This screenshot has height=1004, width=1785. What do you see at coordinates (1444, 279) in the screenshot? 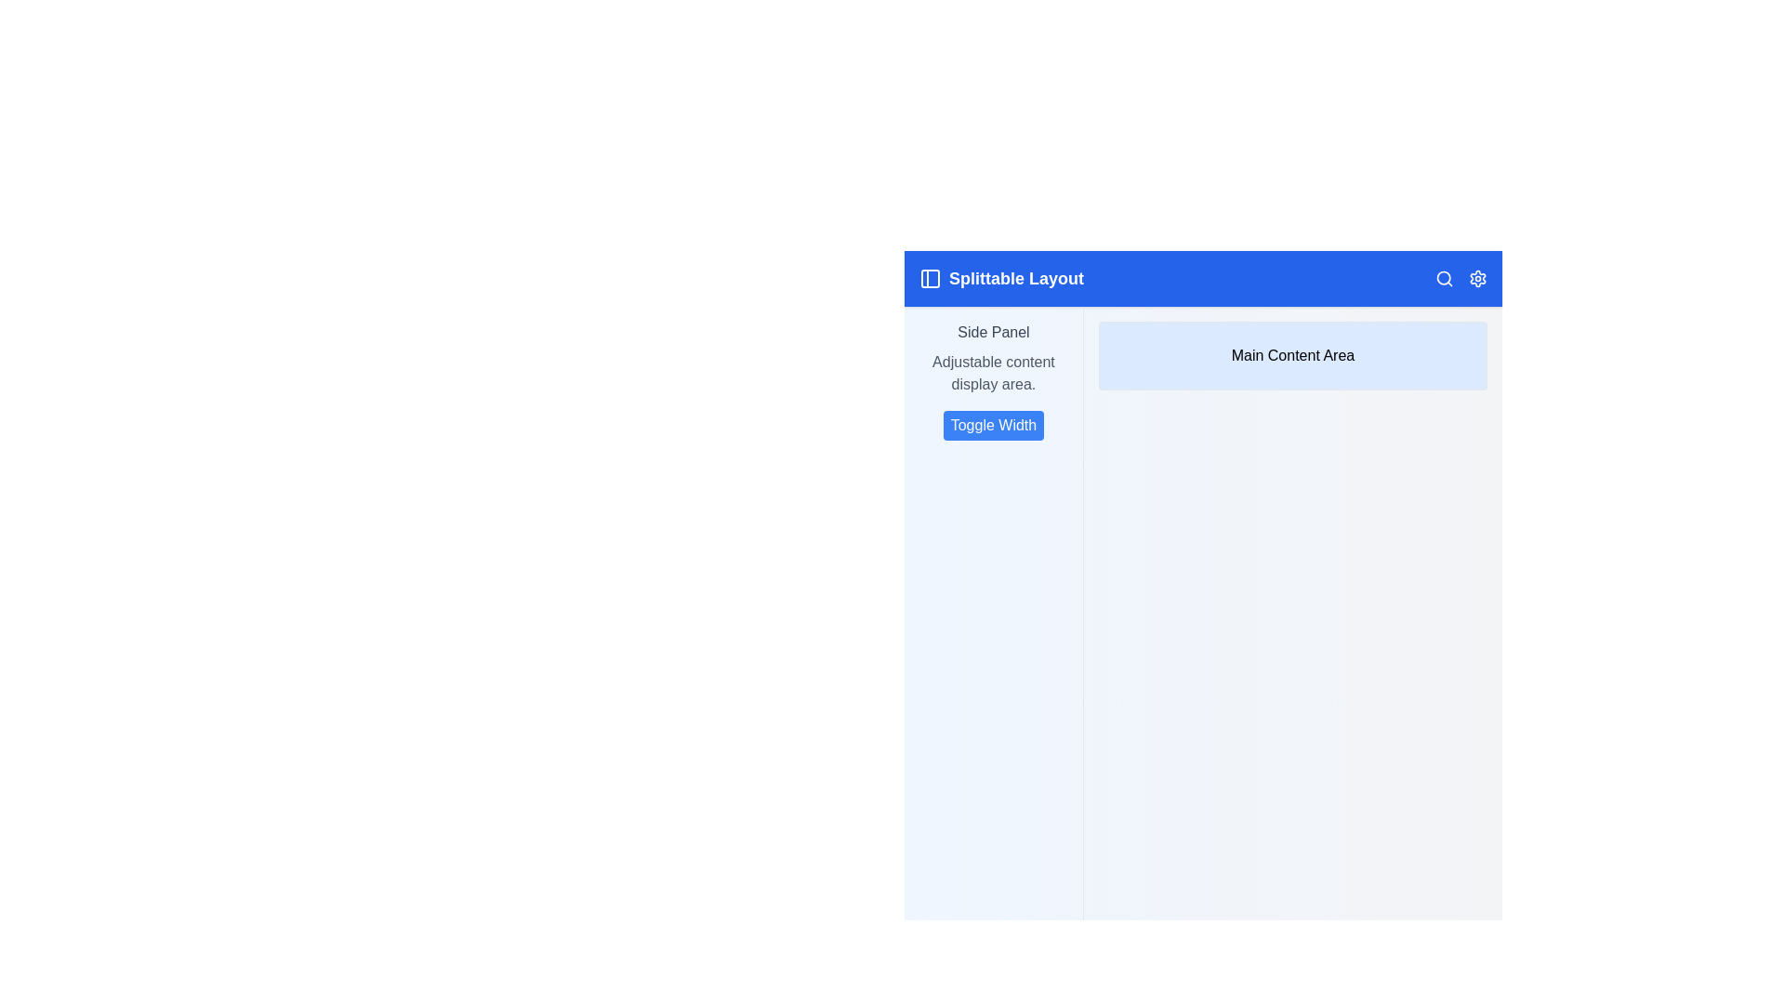
I see `the search button icon located in the header section towards the right-hand corner, which is the first icon from the left in its group` at bounding box center [1444, 279].